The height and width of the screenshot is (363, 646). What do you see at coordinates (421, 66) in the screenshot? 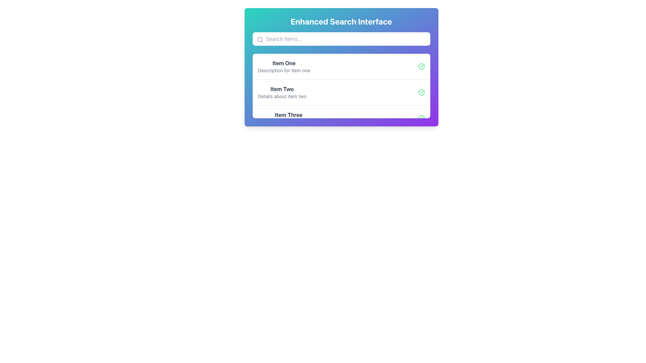
I see `the circular green bordered icon with a check symbol located to the right of 'Item One' for additional information` at bounding box center [421, 66].